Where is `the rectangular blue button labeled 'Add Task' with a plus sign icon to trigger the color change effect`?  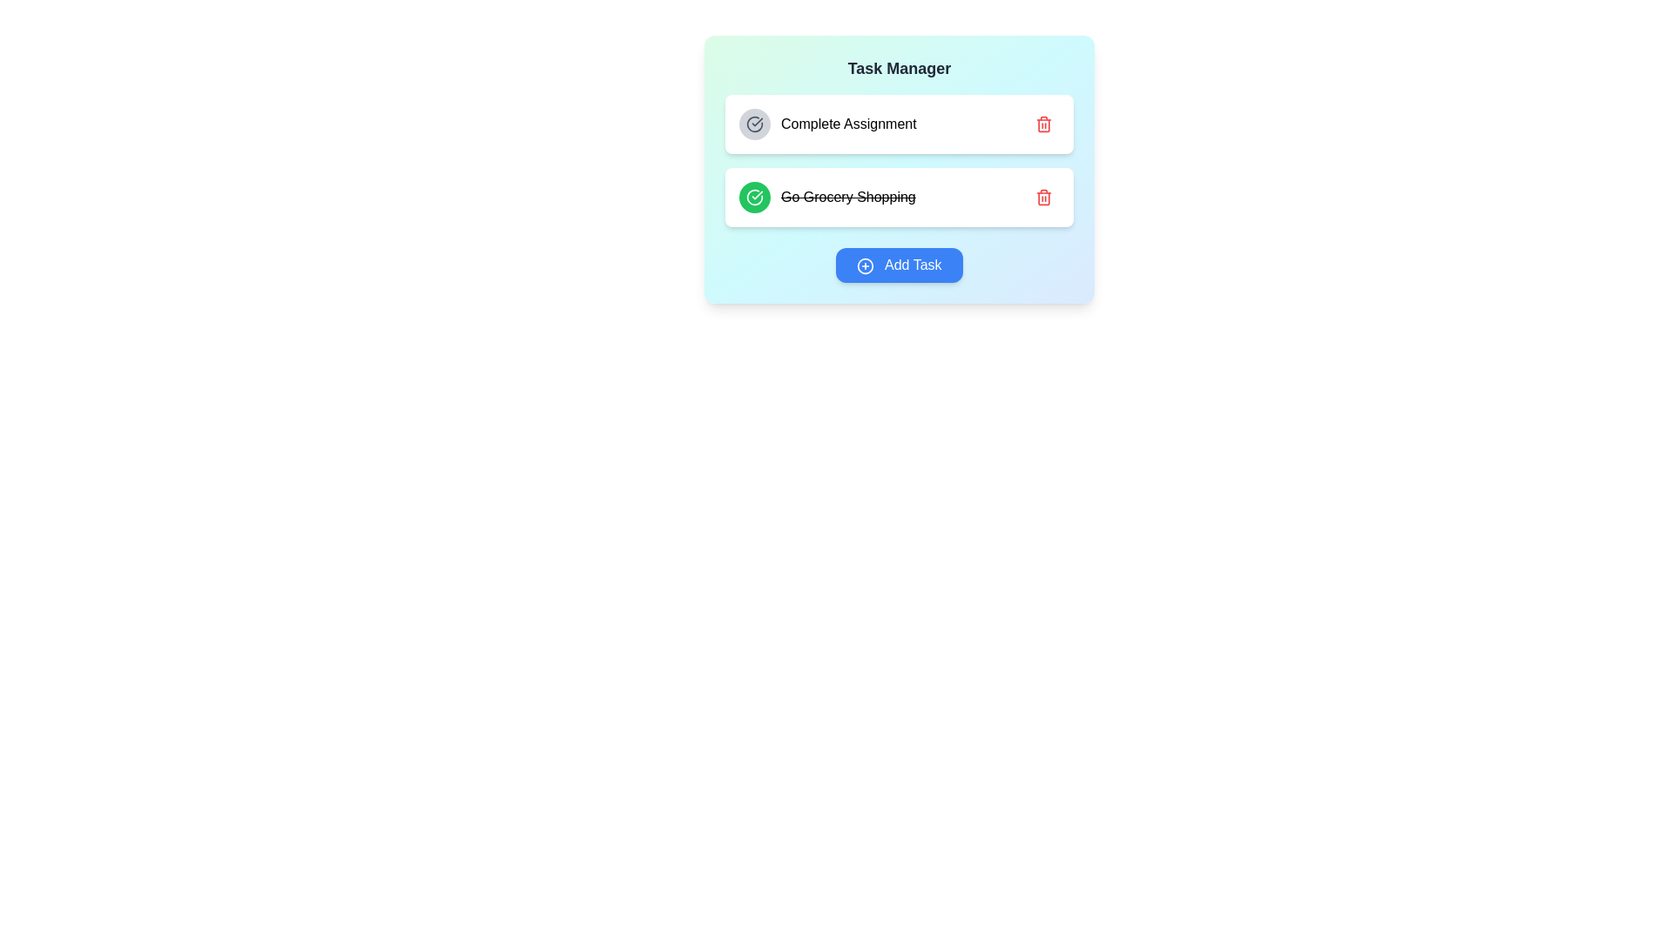 the rectangular blue button labeled 'Add Task' with a plus sign icon to trigger the color change effect is located at coordinates (899, 265).